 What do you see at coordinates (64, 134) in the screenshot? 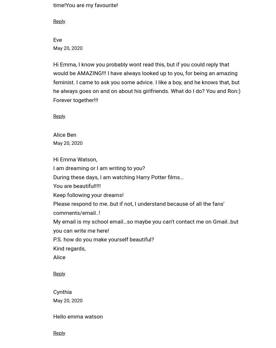
I see `'Alice Ben'` at bounding box center [64, 134].